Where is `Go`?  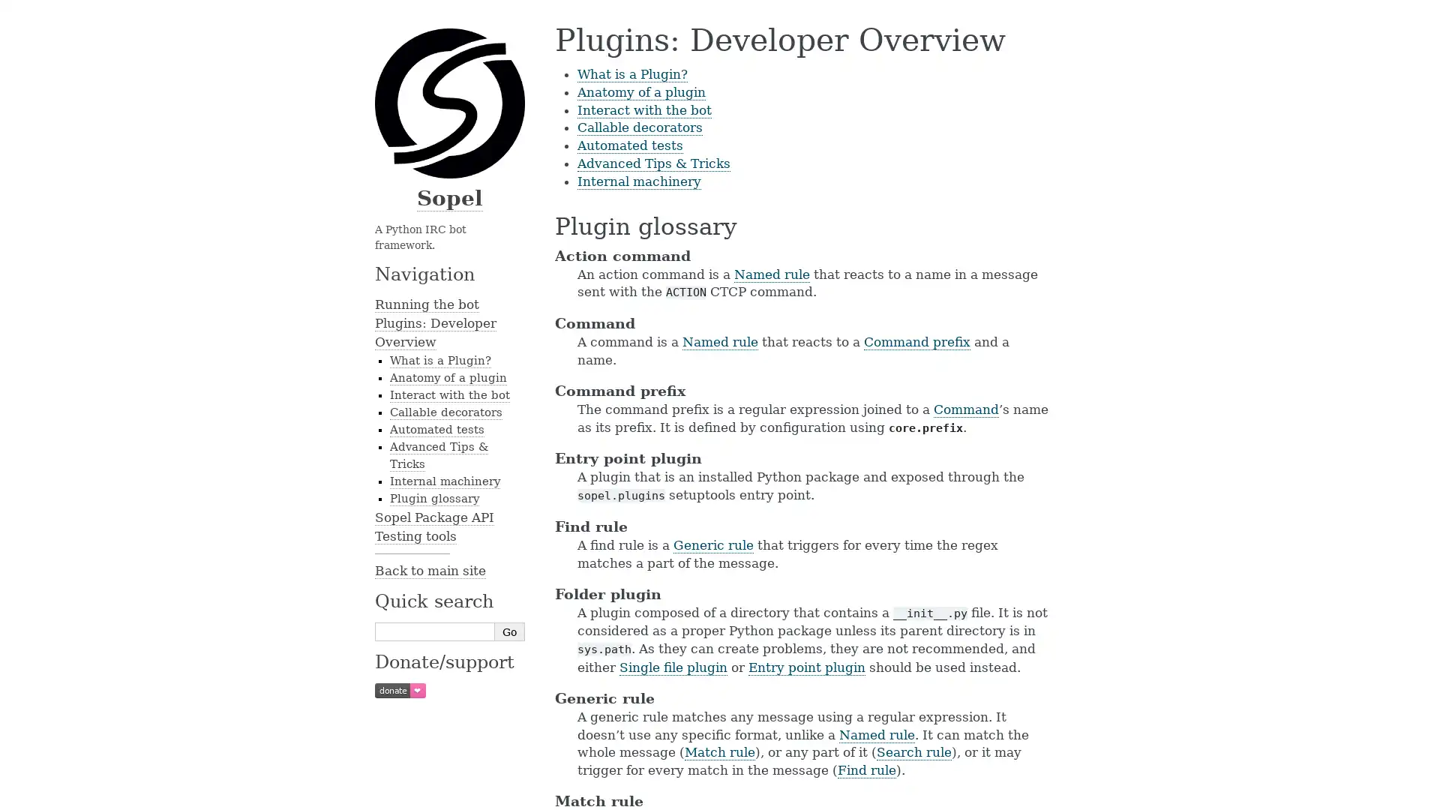
Go is located at coordinates (510, 631).